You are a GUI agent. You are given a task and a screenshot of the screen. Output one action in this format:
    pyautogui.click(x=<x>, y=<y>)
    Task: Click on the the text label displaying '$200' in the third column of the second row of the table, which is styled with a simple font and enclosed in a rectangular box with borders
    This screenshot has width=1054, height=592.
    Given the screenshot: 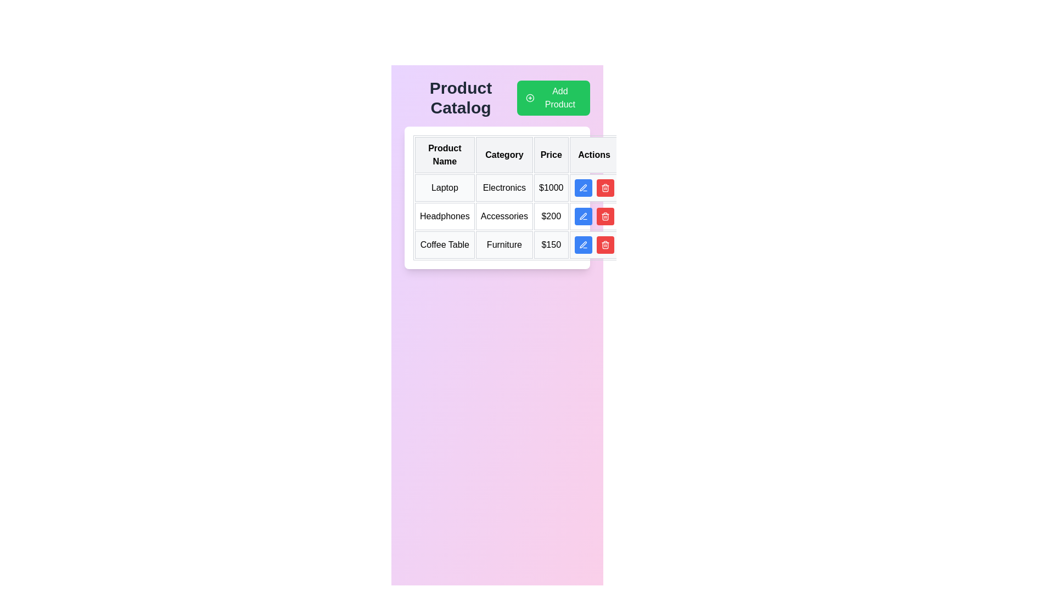 What is the action you would take?
    pyautogui.click(x=551, y=216)
    